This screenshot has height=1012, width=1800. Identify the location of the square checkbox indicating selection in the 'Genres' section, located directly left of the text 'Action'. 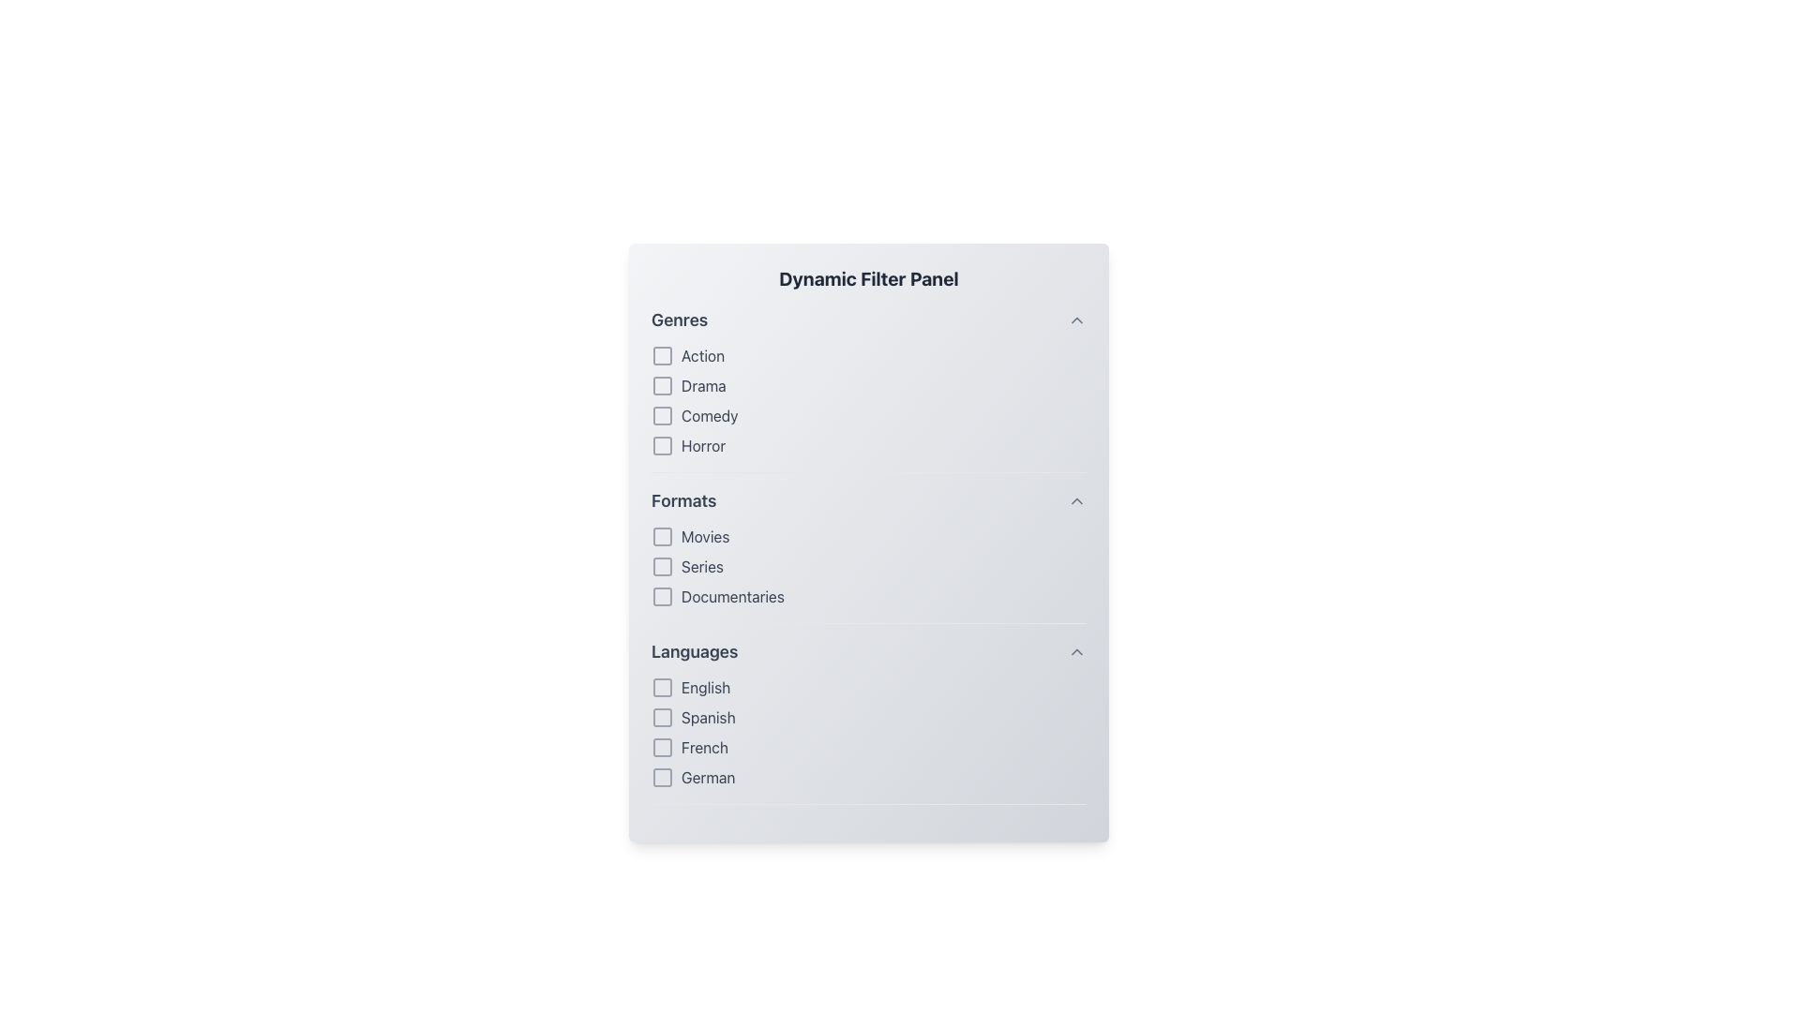
(662, 356).